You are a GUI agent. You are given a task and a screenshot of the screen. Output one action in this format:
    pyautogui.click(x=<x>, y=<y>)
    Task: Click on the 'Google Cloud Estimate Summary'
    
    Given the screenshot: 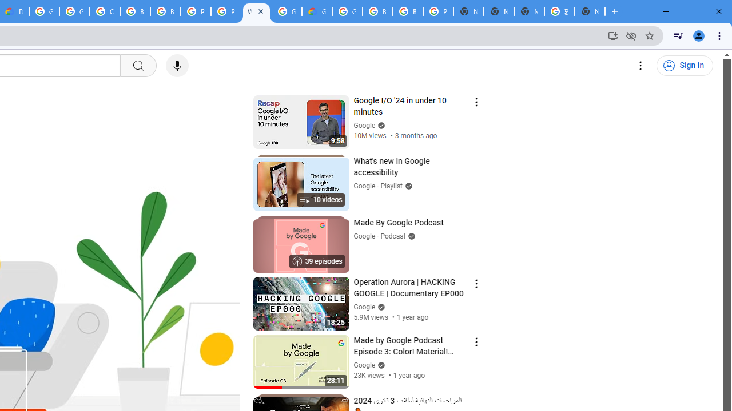 What is the action you would take?
    pyautogui.click(x=317, y=11)
    